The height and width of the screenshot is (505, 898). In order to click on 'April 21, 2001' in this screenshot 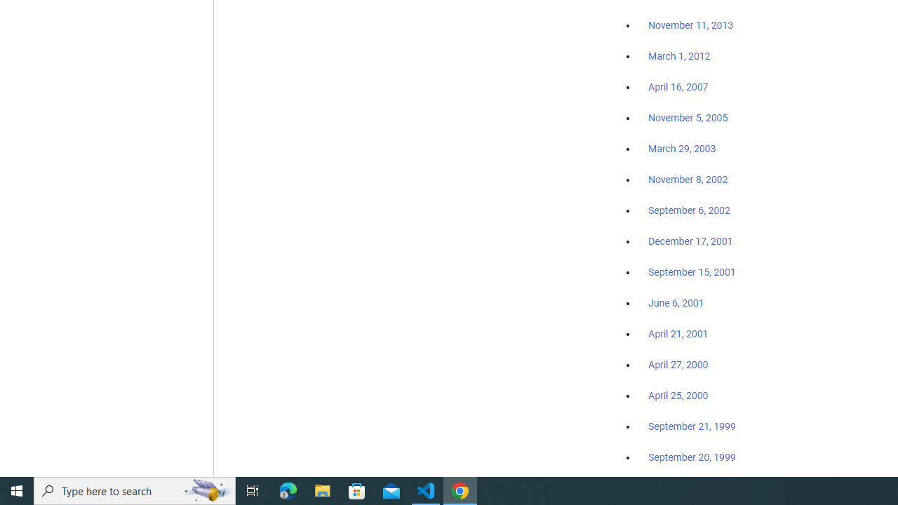, I will do `click(678, 334)`.